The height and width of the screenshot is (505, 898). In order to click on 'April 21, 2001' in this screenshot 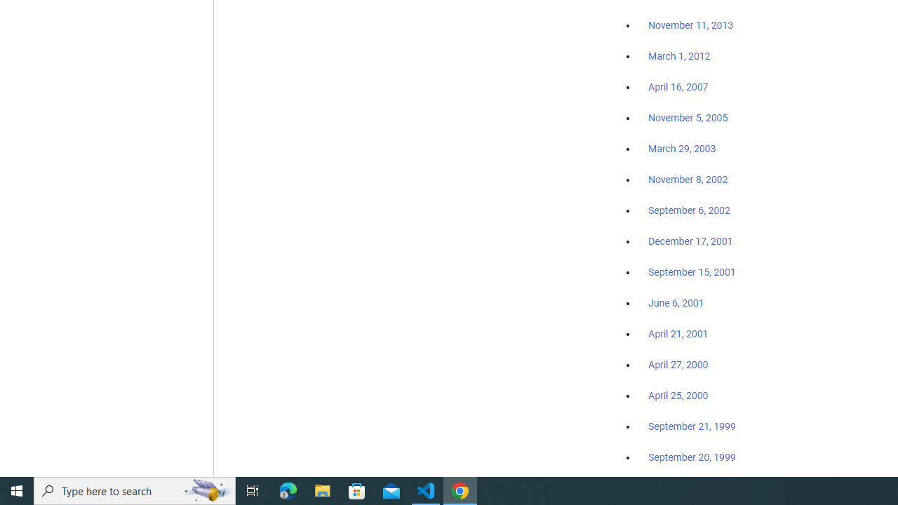, I will do `click(678, 334)`.